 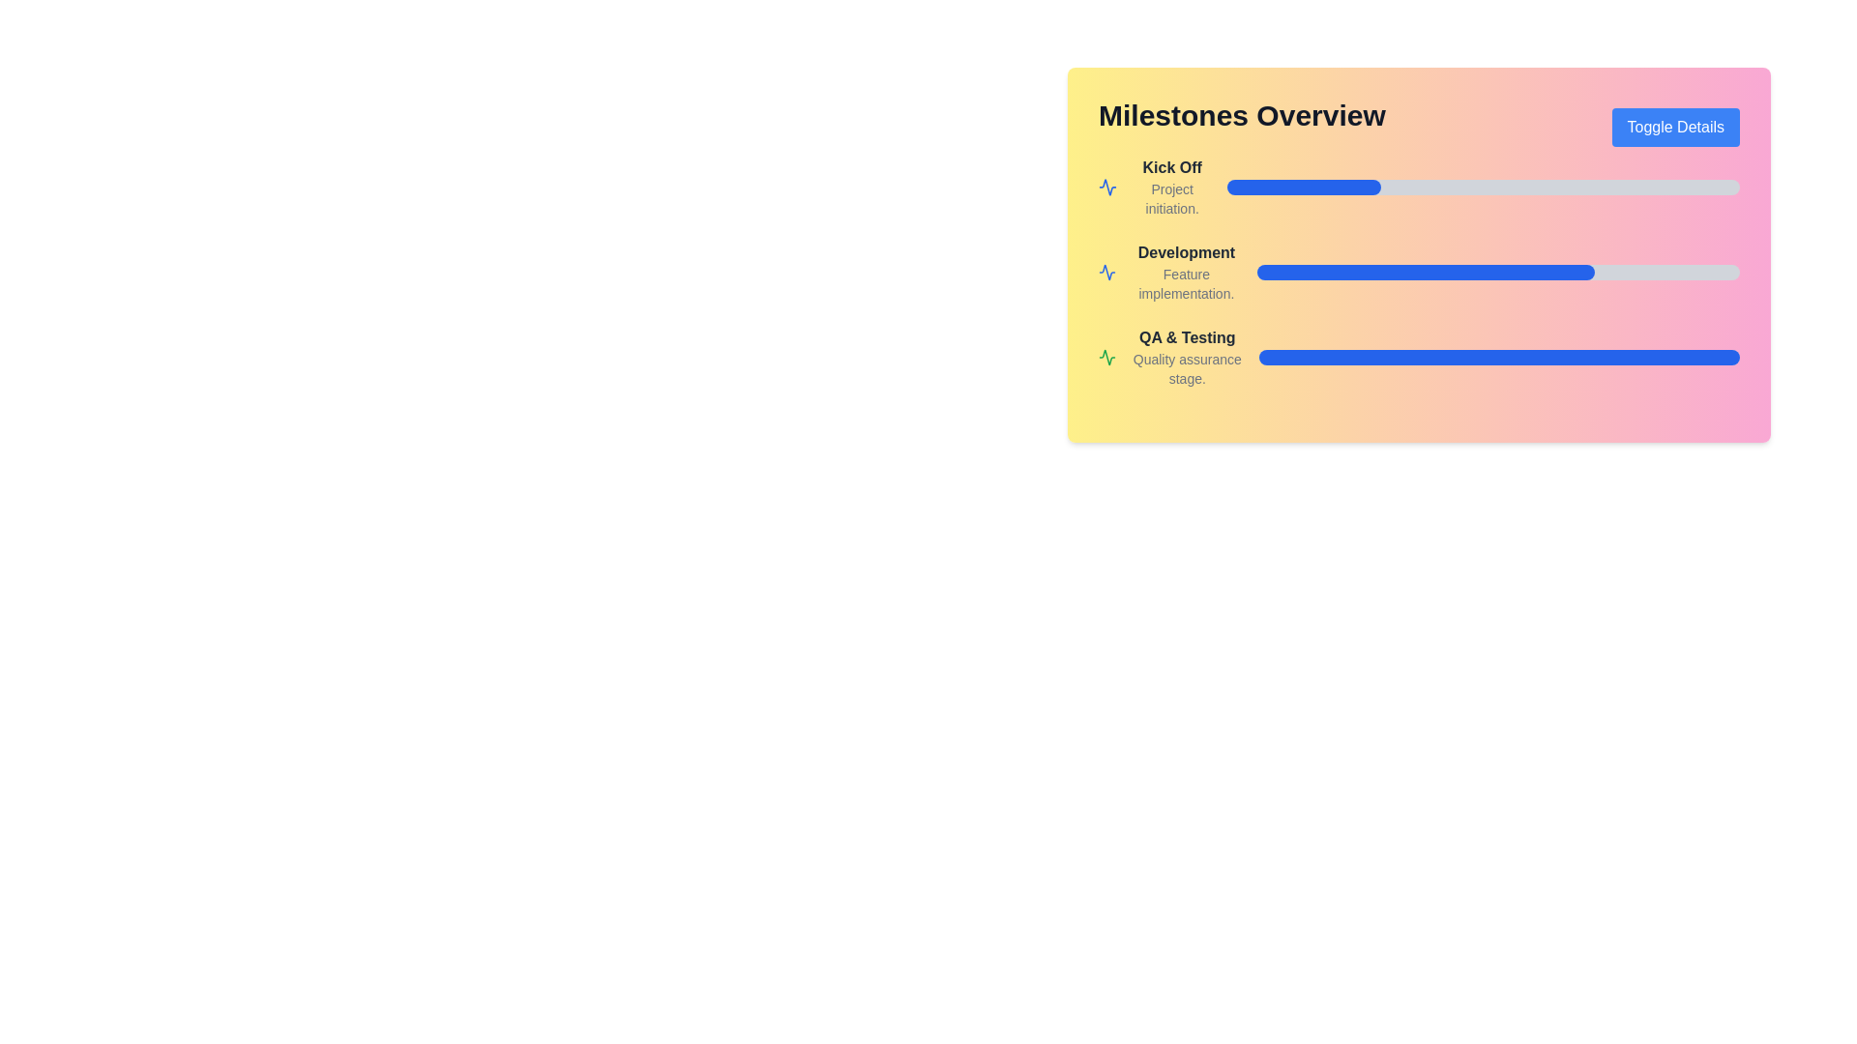 What do you see at coordinates (1426, 272) in the screenshot?
I see `the Progress Indicator (Bar) that visually represents progress in the 'Development' phase of the milestone tracker` at bounding box center [1426, 272].